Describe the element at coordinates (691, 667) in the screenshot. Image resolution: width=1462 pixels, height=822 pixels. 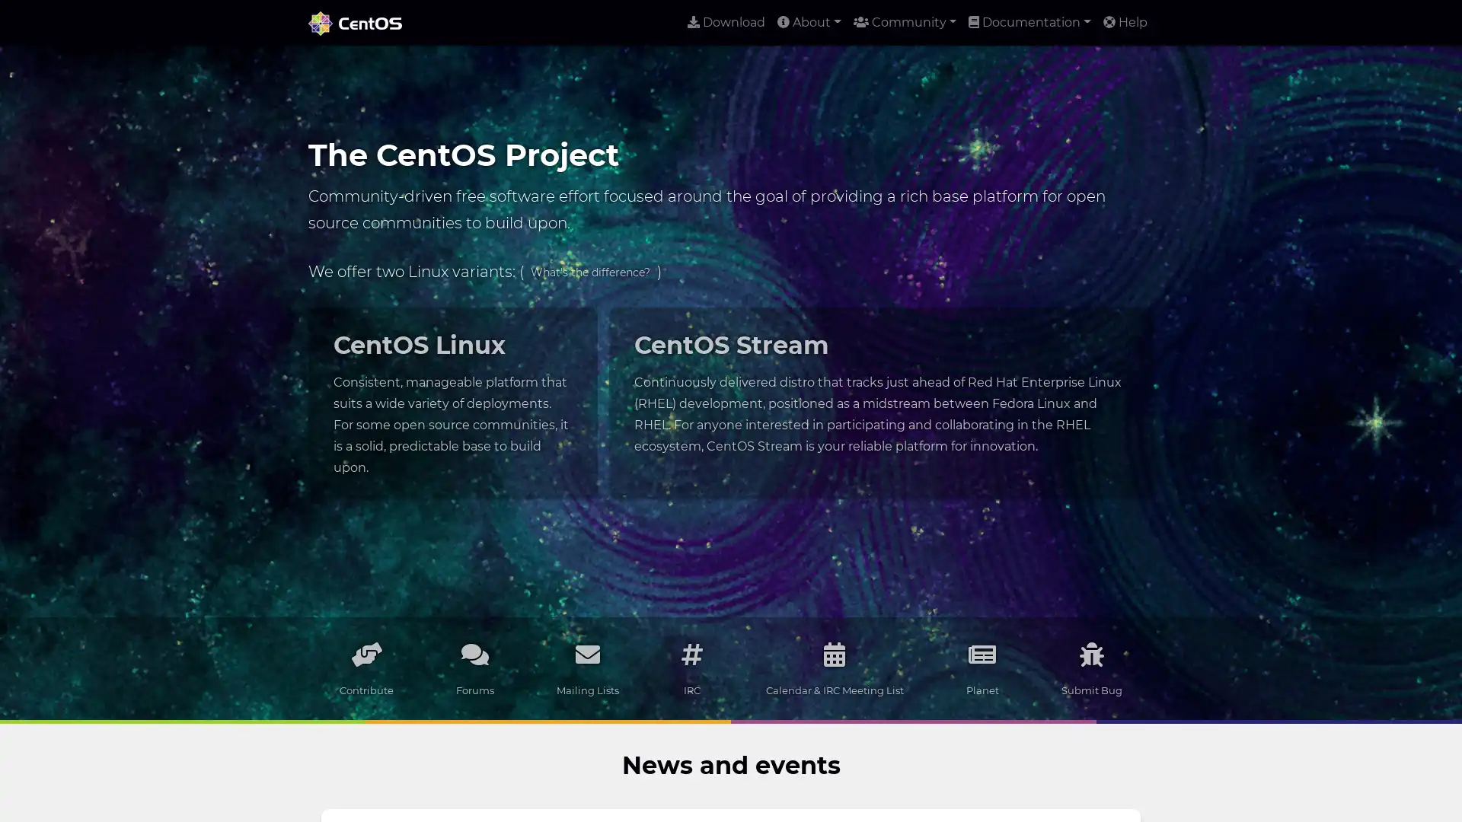
I see `IRC` at that location.